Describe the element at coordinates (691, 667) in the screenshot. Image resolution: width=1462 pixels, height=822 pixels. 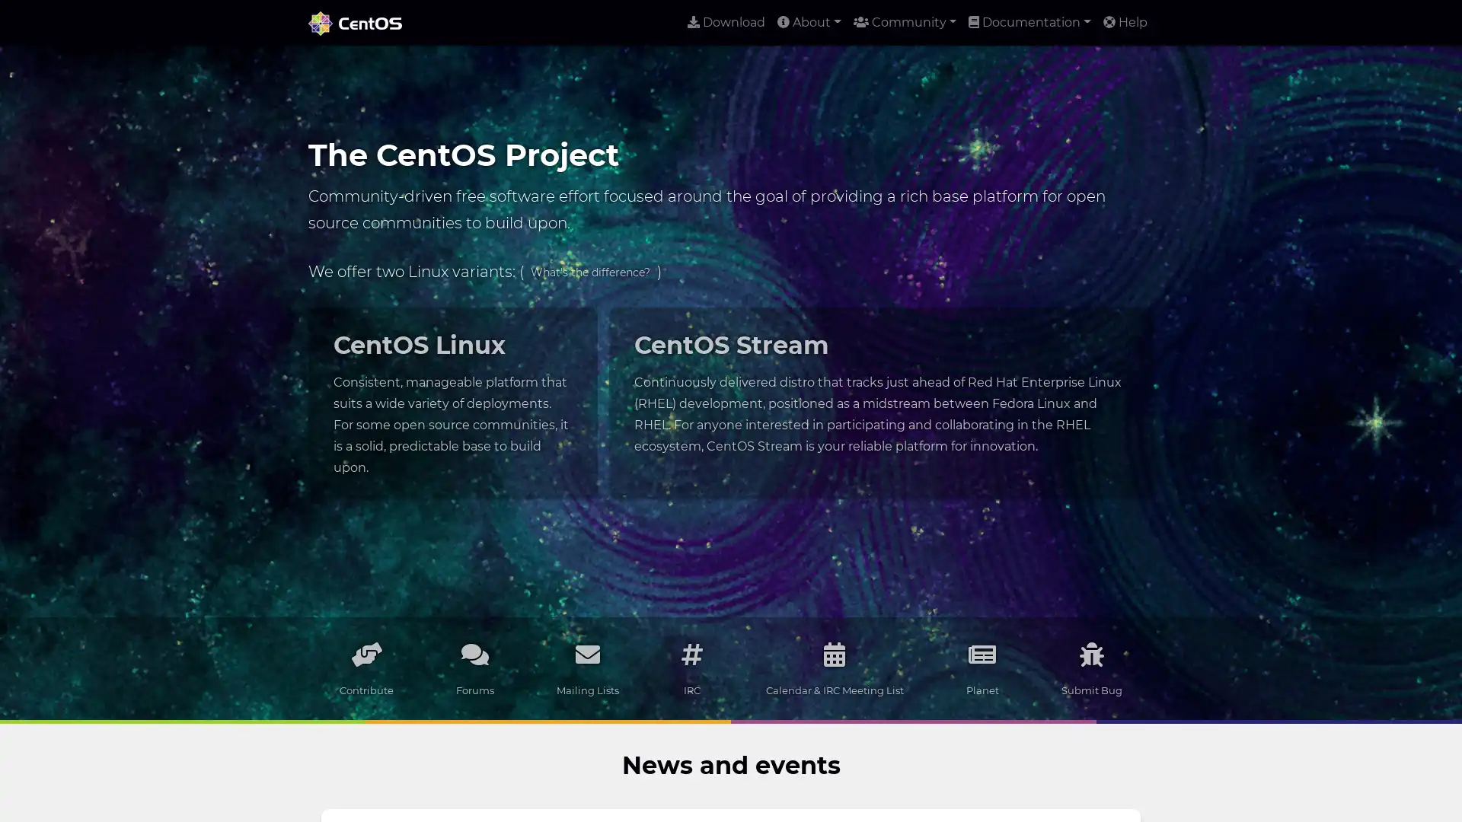
I see `IRC` at that location.